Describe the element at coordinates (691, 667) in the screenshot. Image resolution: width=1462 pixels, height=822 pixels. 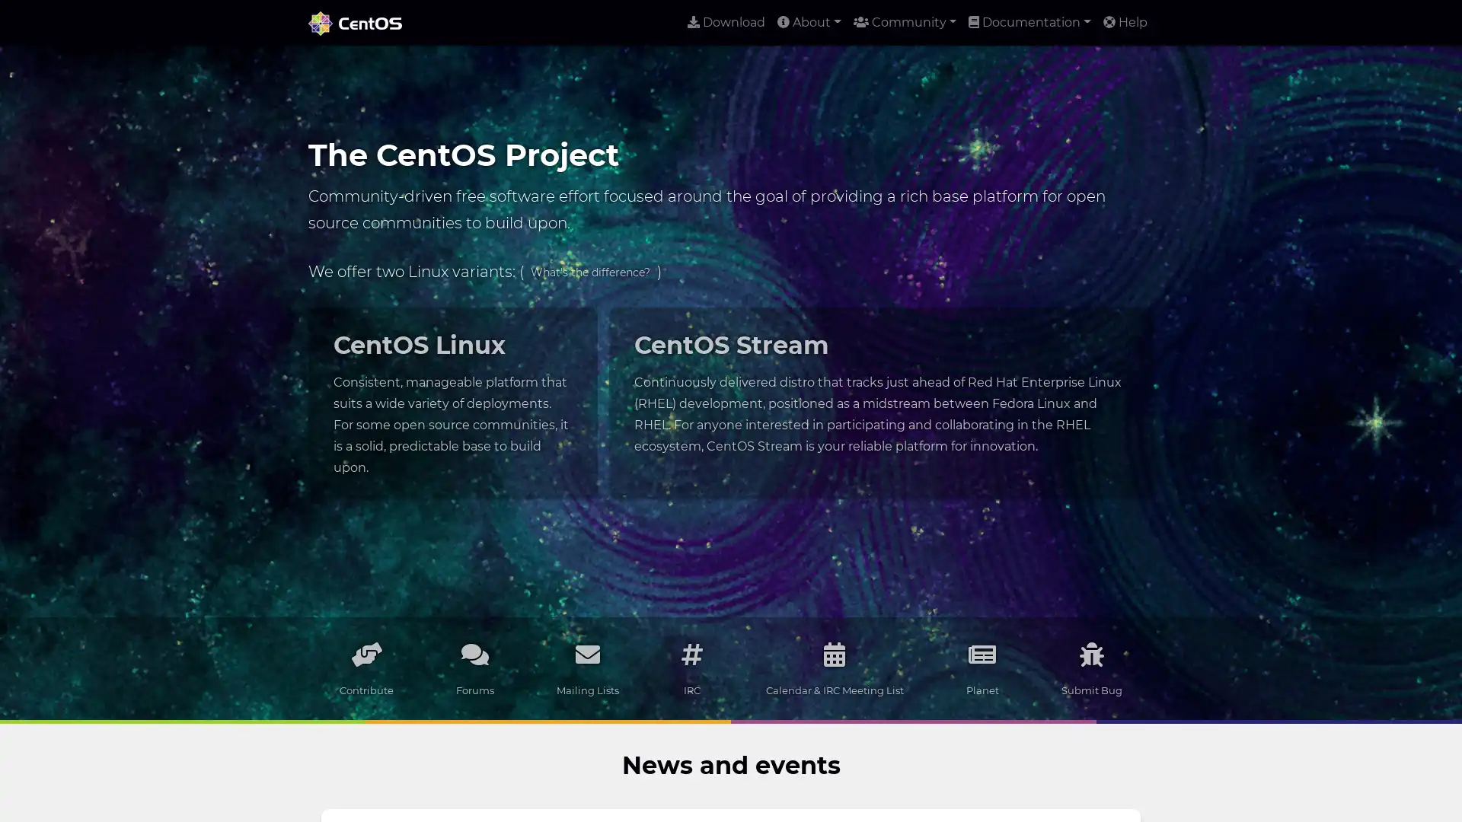
I see `IRC` at that location.